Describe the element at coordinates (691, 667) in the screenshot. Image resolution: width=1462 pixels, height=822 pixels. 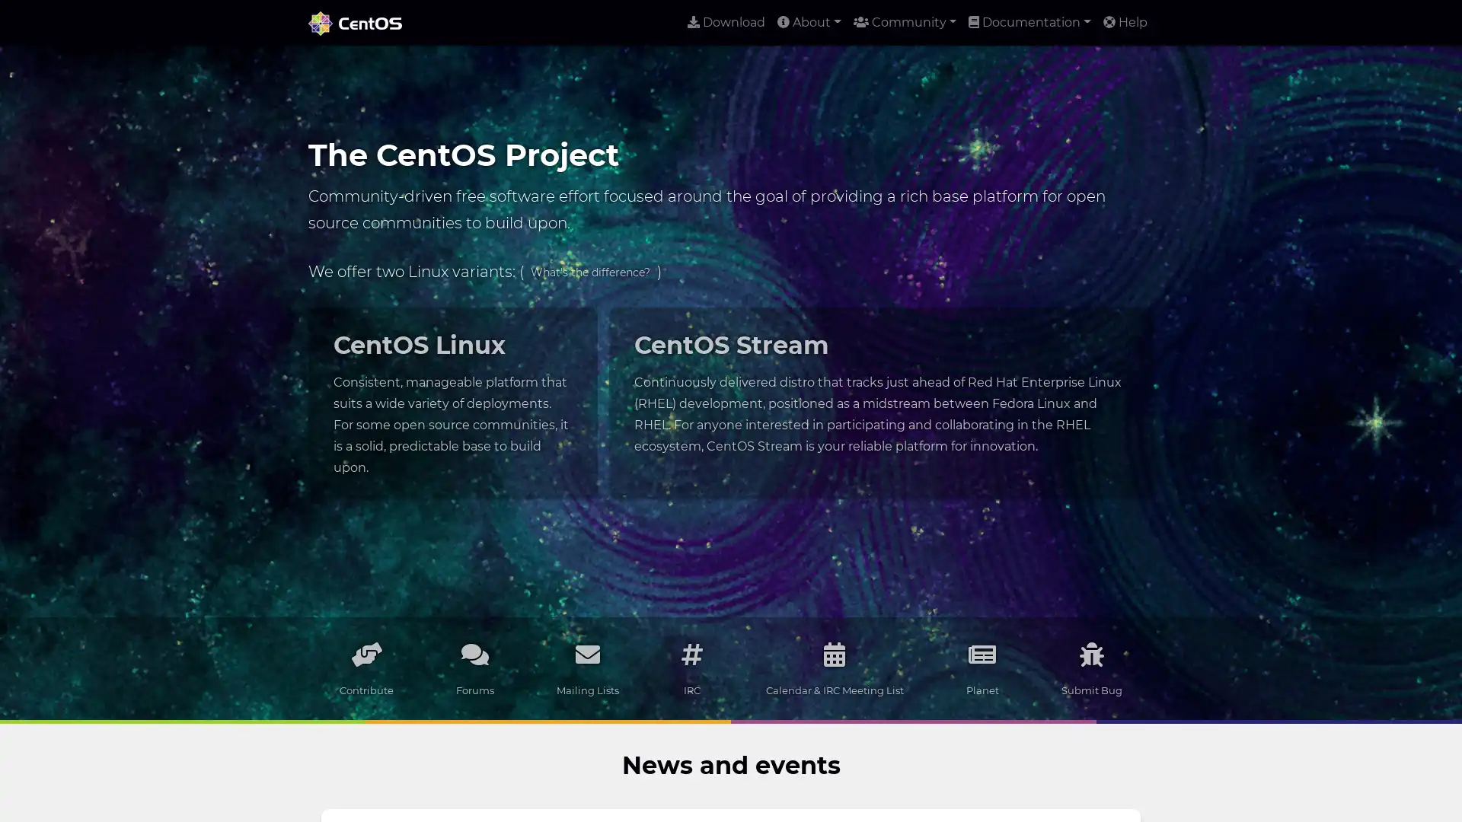
I see `IRC` at that location.